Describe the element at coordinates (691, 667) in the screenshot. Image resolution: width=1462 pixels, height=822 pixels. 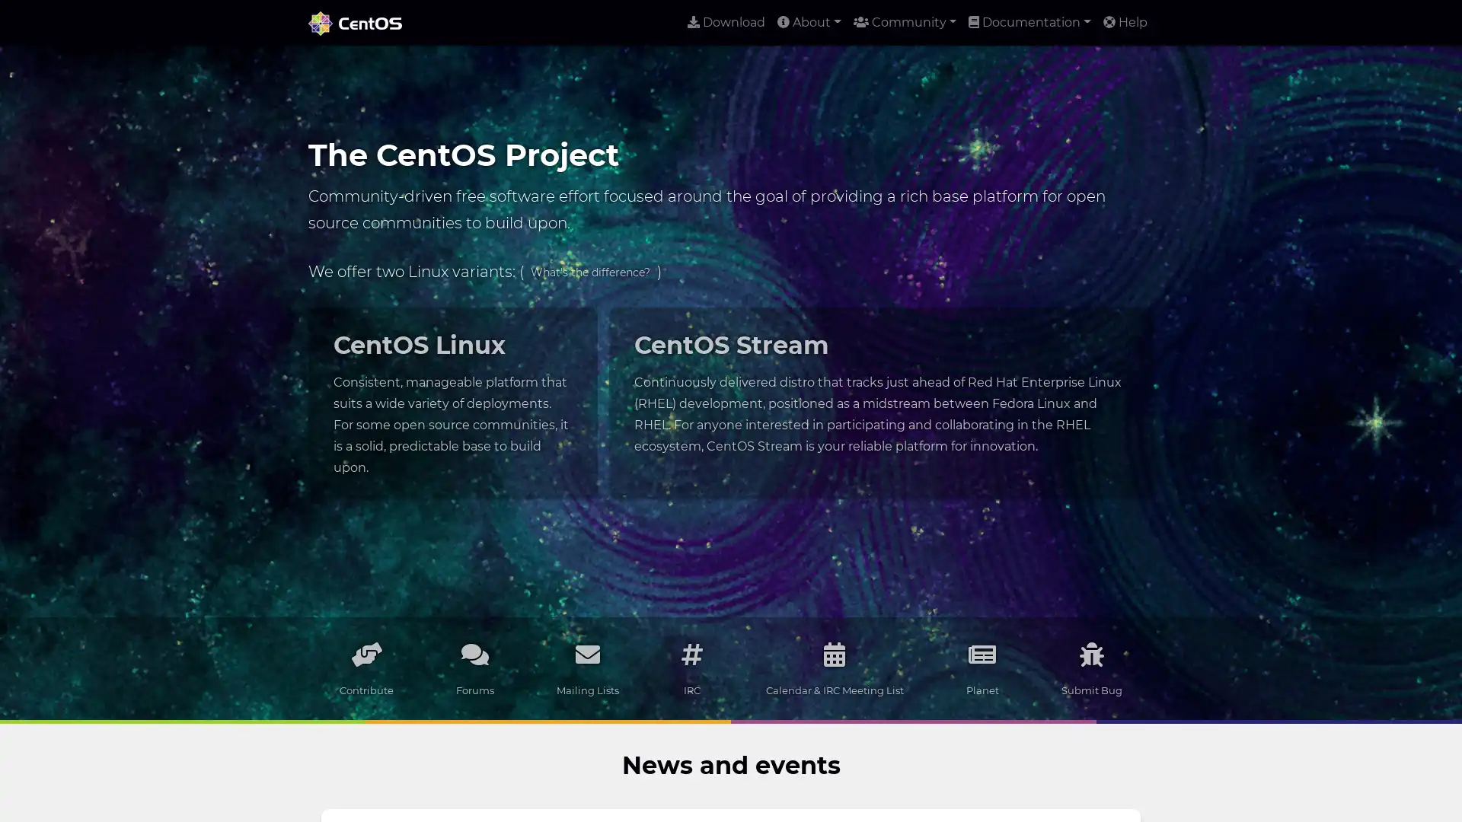
I see `IRC` at that location.